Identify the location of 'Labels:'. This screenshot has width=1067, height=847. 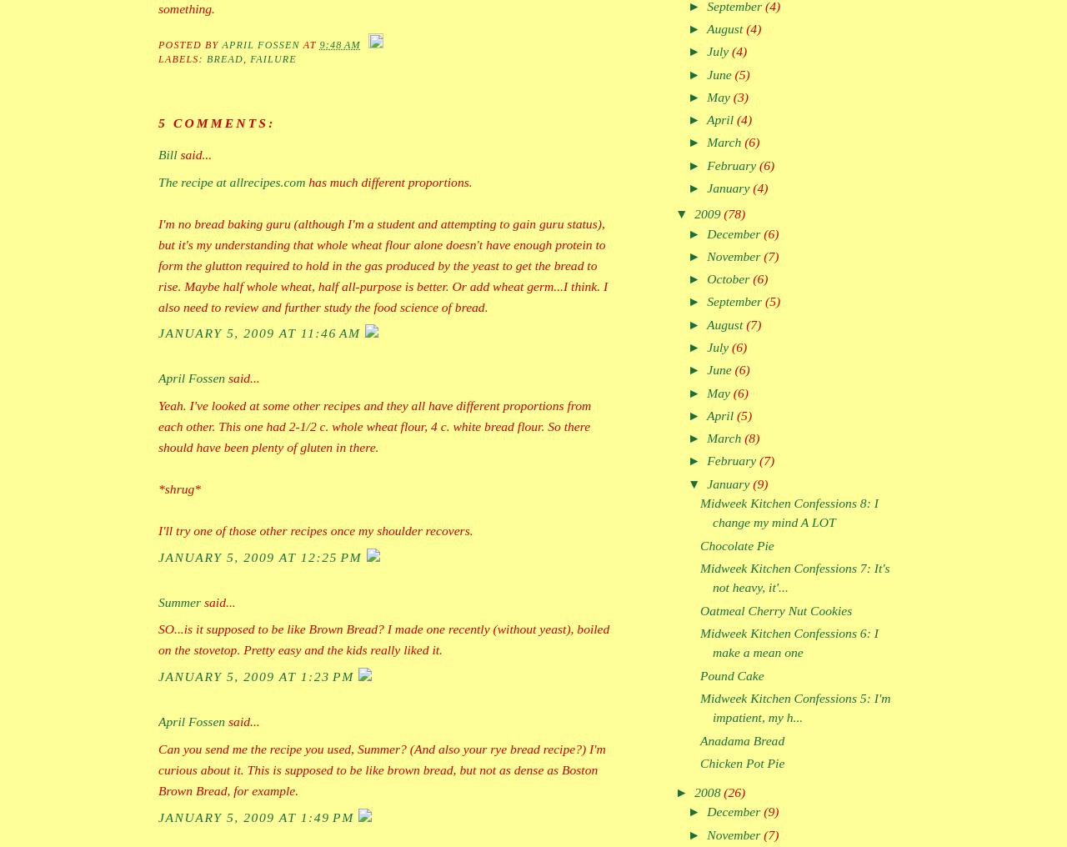
(158, 59).